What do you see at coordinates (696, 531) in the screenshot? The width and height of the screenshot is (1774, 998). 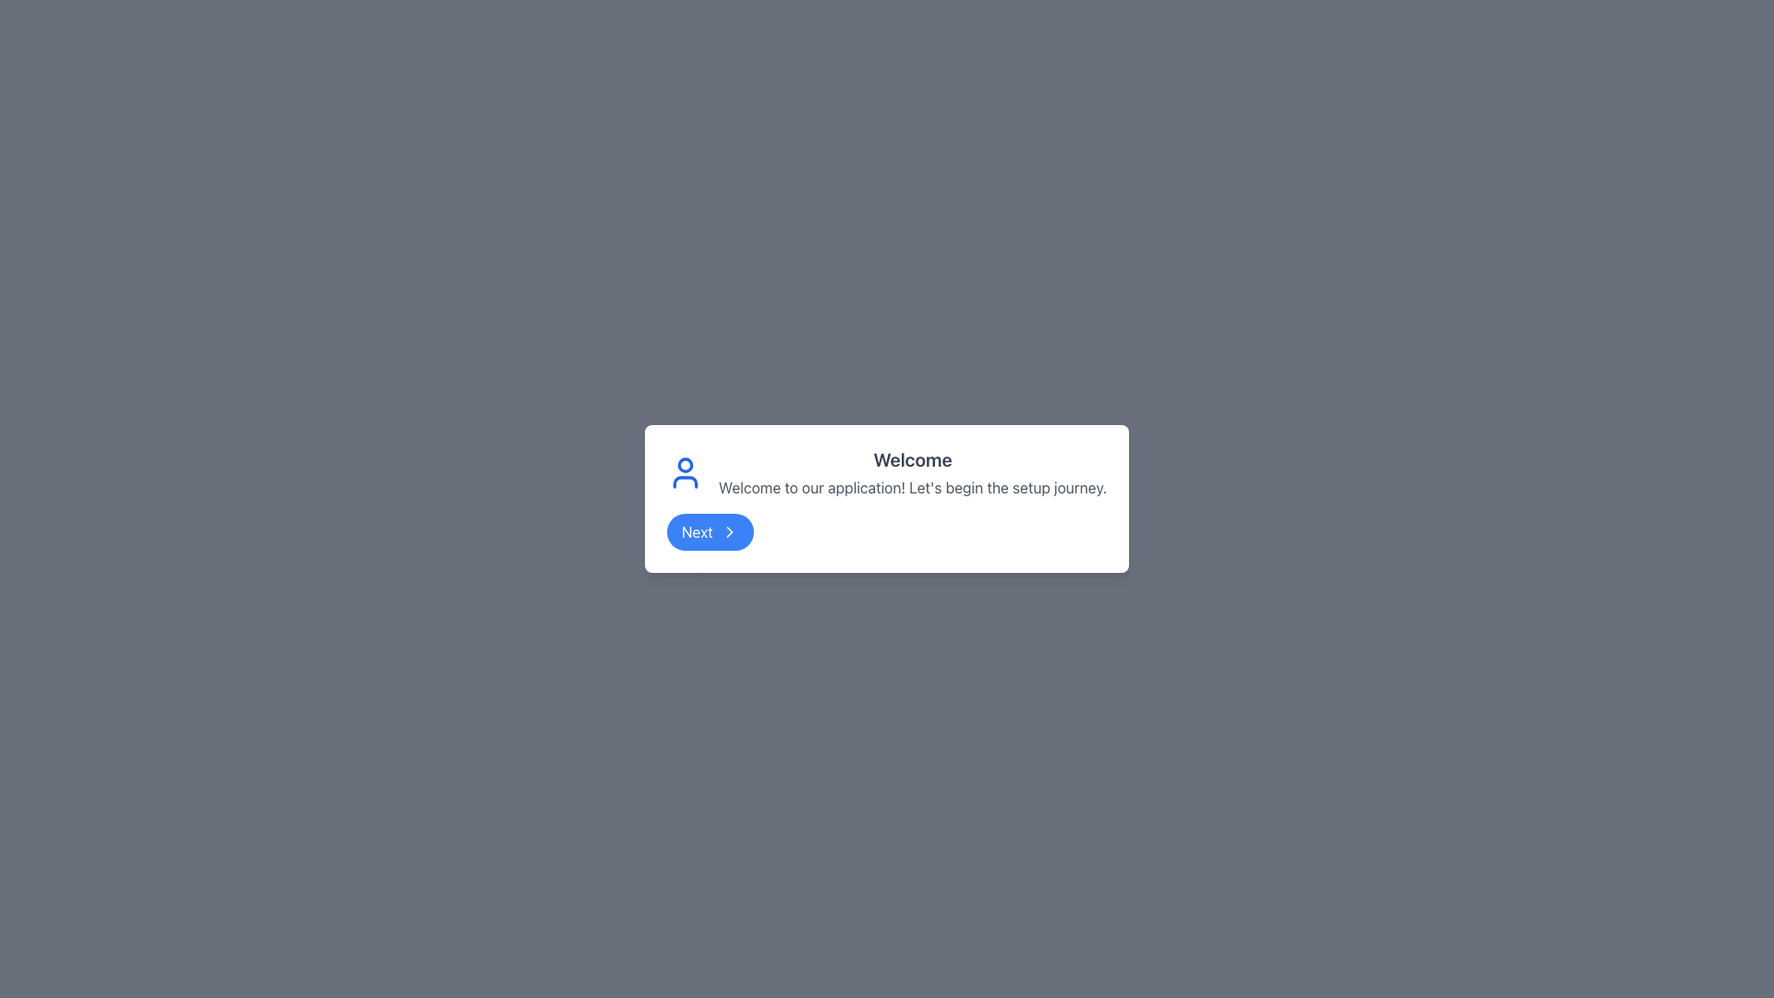 I see `the 'Next' text label element, which is displayed in white font against a blue circular background, positioned inside a rounded blue button` at bounding box center [696, 531].